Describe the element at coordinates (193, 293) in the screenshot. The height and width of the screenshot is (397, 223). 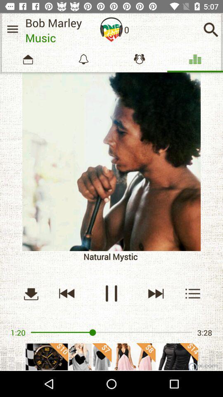
I see `search` at that location.